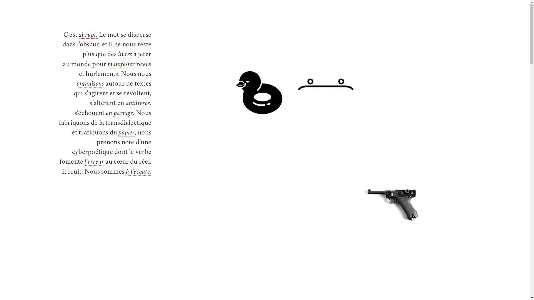 The width and height of the screenshot is (534, 300). Describe the element at coordinates (126, 133) in the screenshot. I see `'papier'` at that location.